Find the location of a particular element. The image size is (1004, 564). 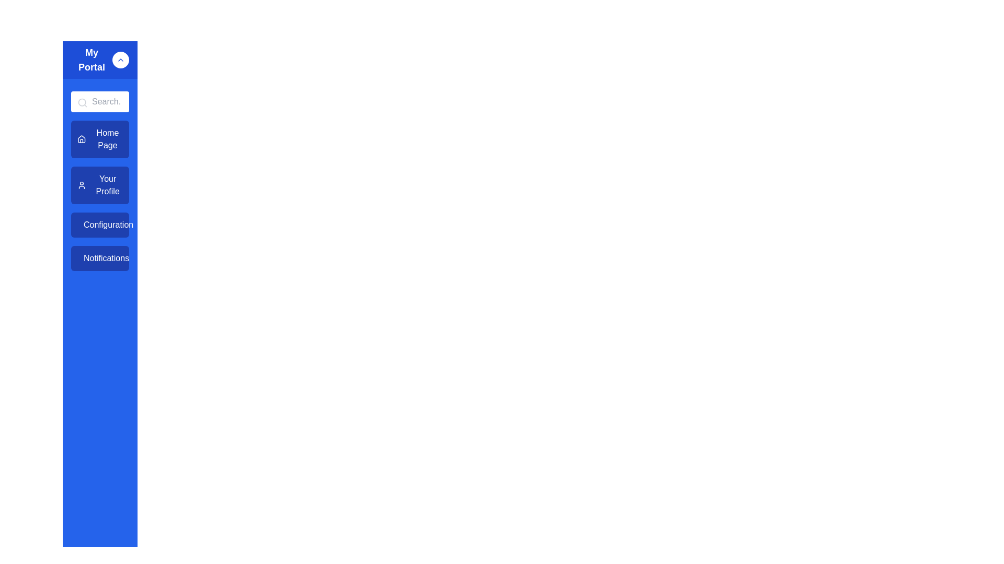

the small upward-pointing chevron icon with blue strokes on a white background, located within a circular button near the top-right corner of the sidebar is located at coordinates (121, 60).